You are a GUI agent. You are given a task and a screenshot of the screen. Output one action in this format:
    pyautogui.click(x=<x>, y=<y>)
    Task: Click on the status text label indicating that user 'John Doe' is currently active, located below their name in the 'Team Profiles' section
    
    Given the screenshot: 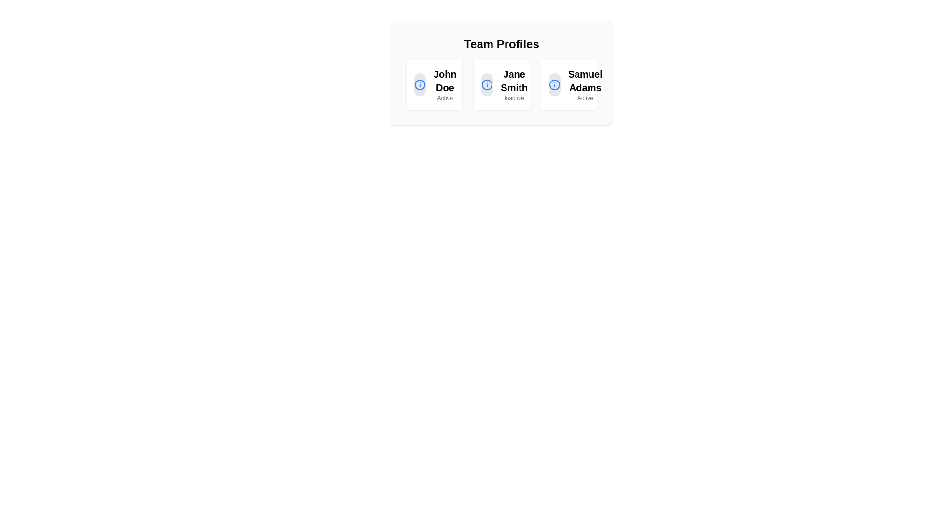 What is the action you would take?
    pyautogui.click(x=444, y=98)
    